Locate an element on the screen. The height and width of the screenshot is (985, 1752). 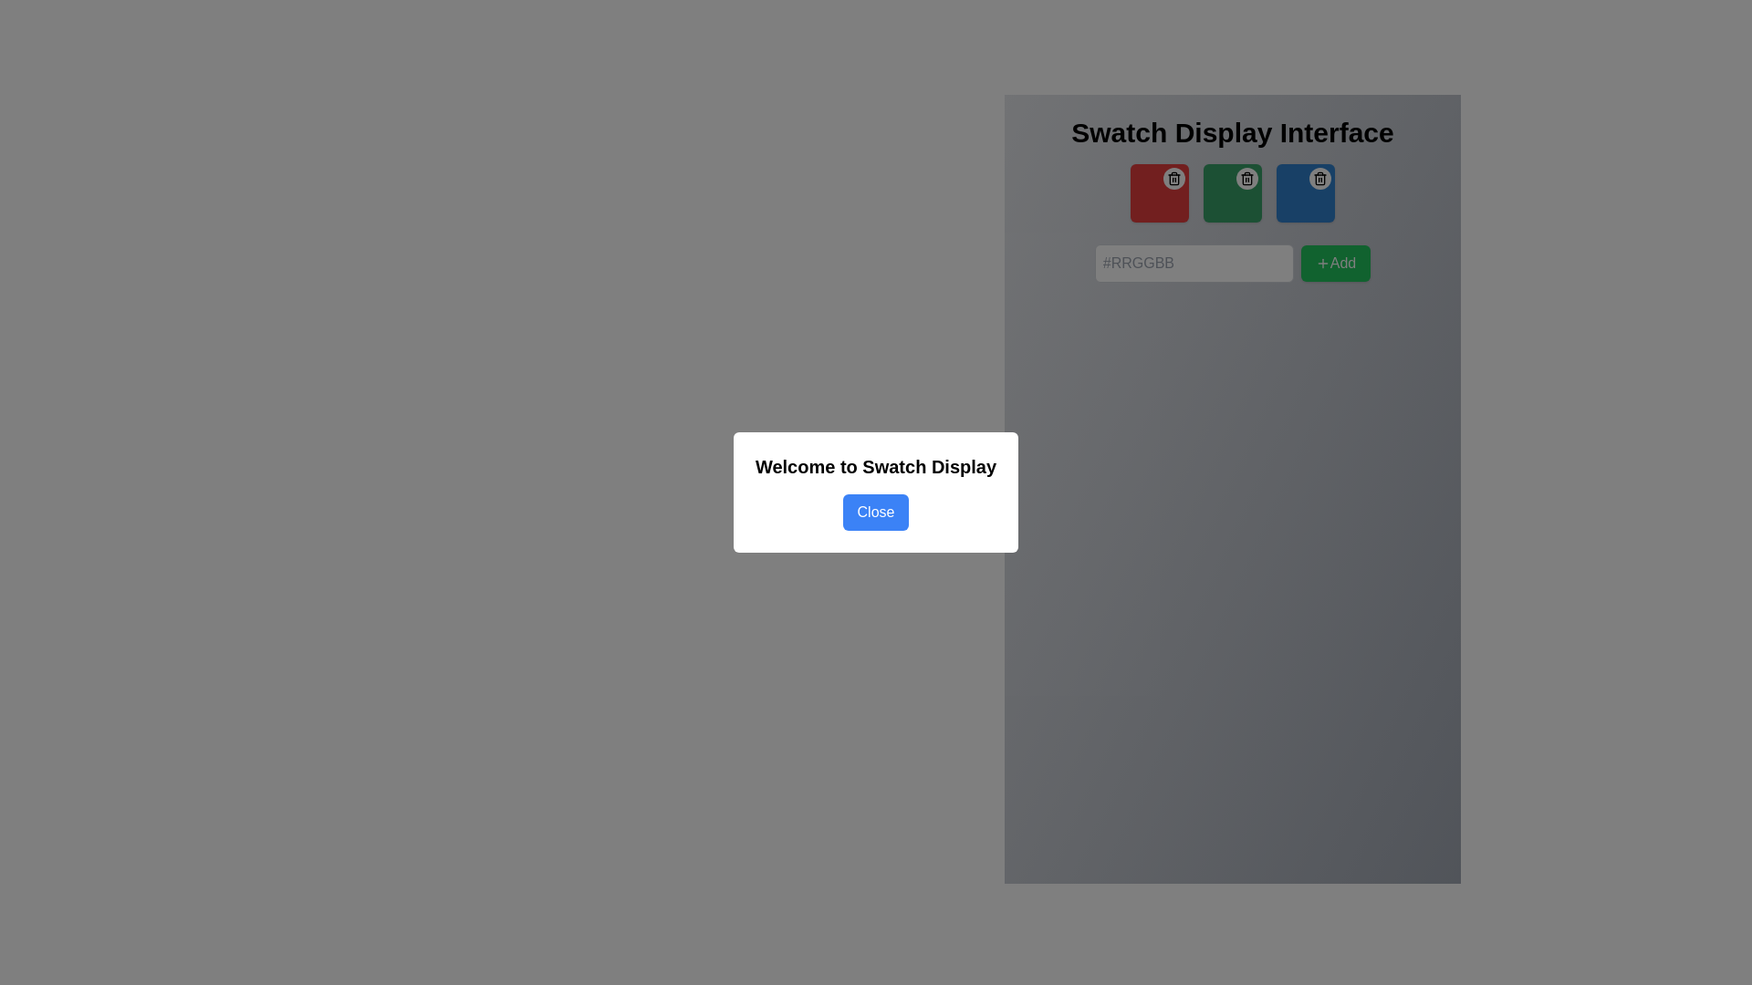
the trash can icon button located at the top-right corner of the blue box in the 'Swatch Display Interface' is located at coordinates (1319, 179).